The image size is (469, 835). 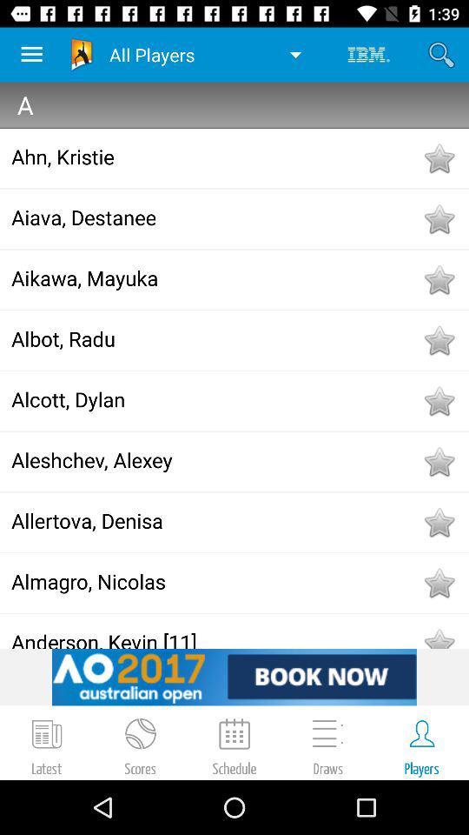 What do you see at coordinates (438, 583) in the screenshot?
I see `favorite` at bounding box center [438, 583].